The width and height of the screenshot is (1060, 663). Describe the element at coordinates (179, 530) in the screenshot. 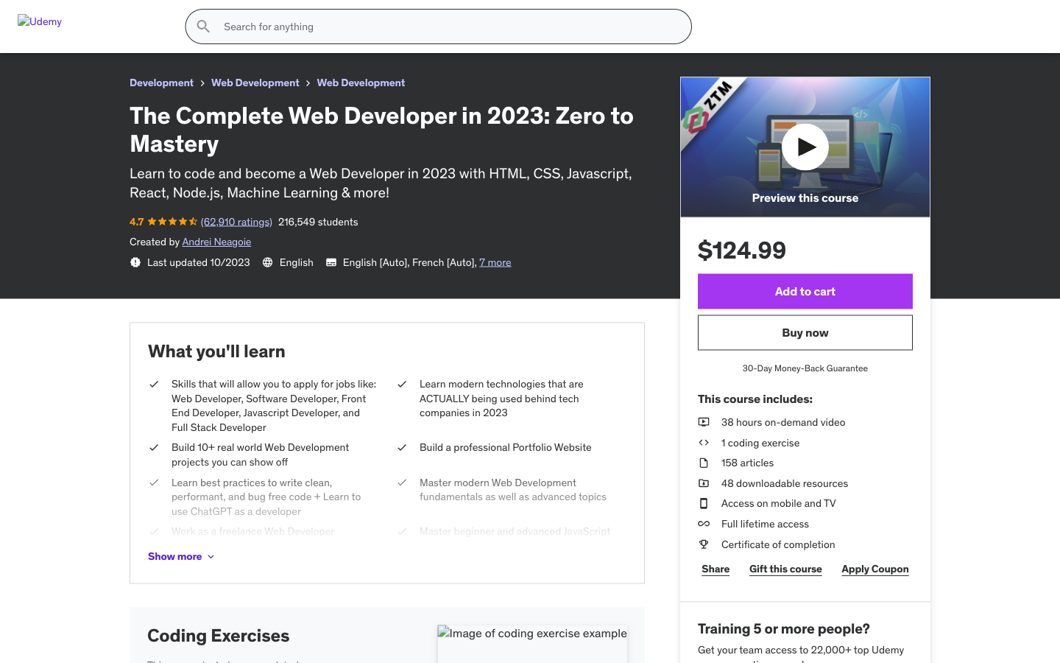

I see `Ascertain which models are on offer in the sports shoes section` at that location.